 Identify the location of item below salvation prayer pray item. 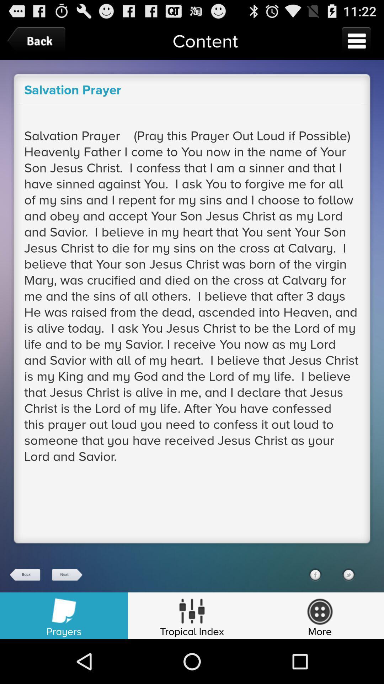
(25, 575).